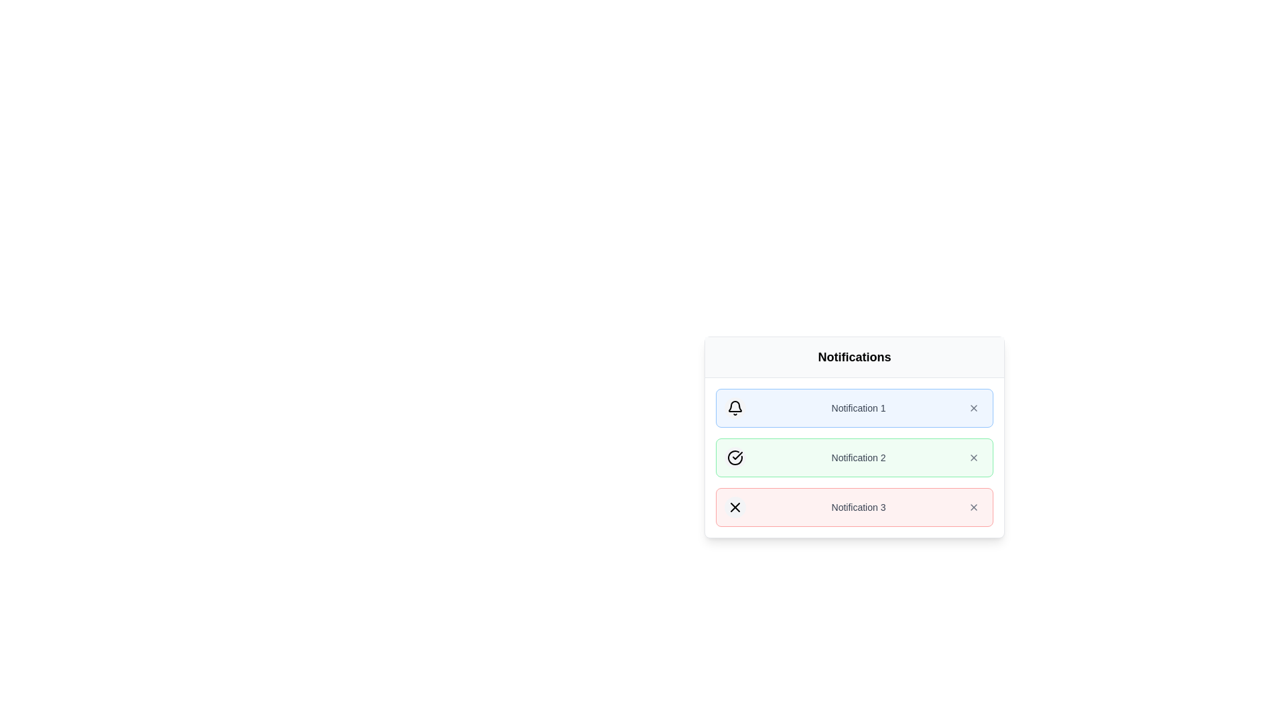  I want to click on the notification icon located at the far-left side of the row labeled 'Notification 1', which is the first row in the notifications card, so click(735, 408).